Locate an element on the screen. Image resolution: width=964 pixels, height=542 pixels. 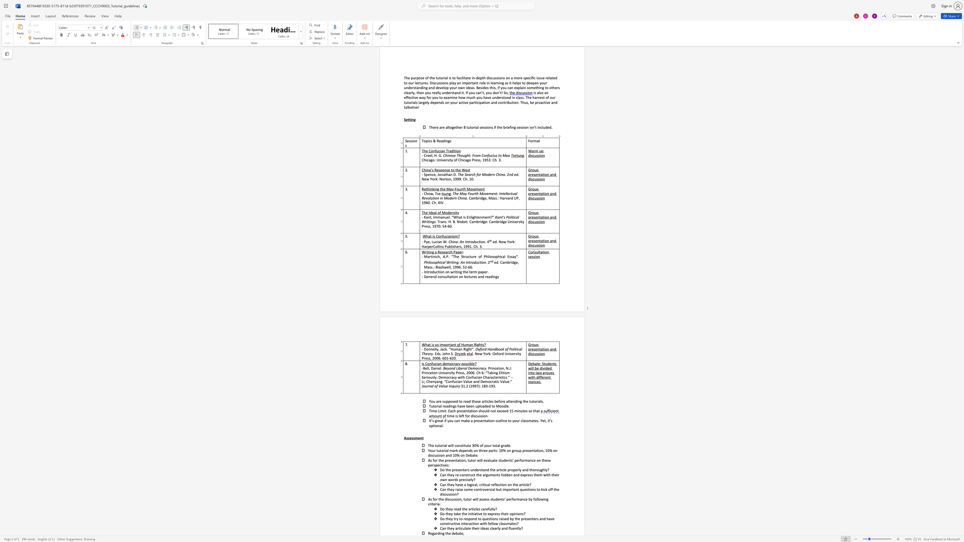
the space between the continuous character "e" and "b" in the text is located at coordinates (456, 533).